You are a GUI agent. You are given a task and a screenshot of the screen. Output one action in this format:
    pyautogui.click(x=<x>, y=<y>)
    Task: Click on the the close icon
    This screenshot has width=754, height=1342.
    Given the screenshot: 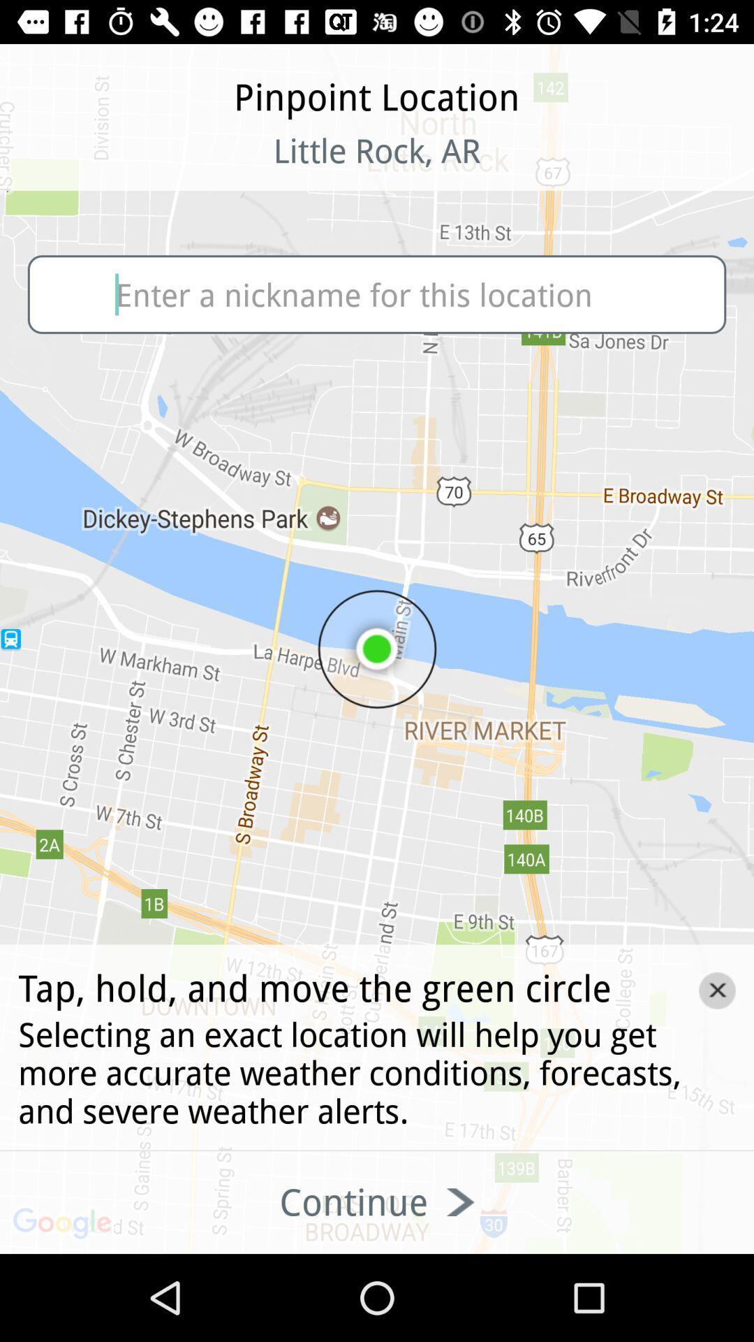 What is the action you would take?
    pyautogui.click(x=717, y=990)
    